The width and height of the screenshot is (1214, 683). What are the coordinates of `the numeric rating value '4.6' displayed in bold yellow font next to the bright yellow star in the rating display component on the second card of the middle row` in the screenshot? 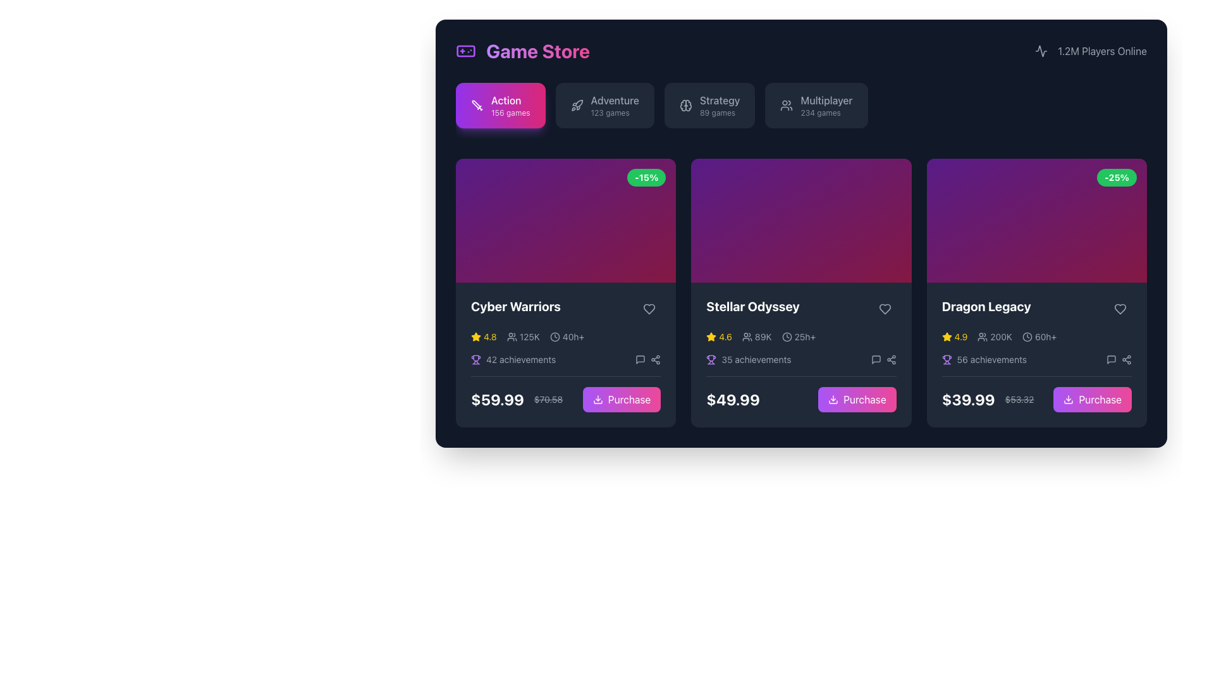 It's located at (719, 336).